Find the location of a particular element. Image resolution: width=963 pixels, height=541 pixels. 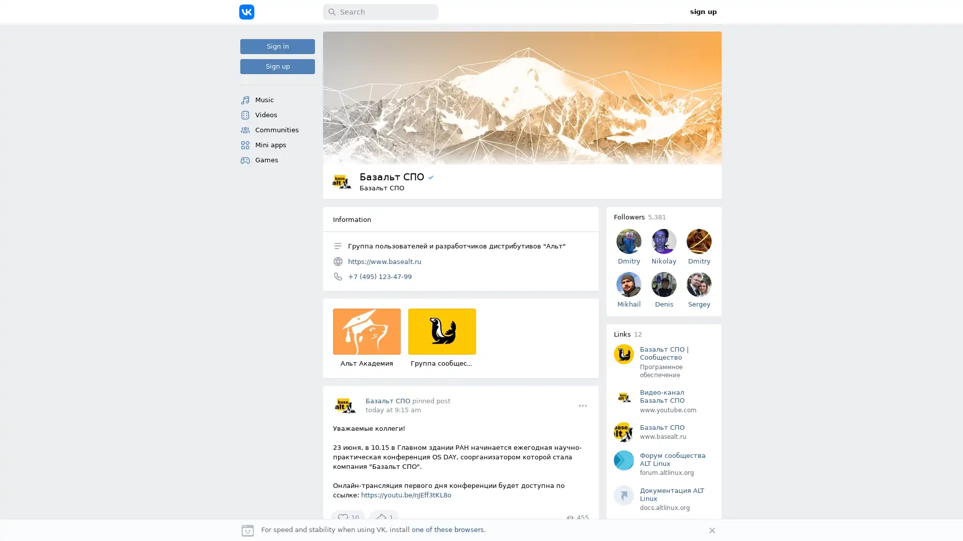

Send reaction Like is located at coordinates (348, 517).